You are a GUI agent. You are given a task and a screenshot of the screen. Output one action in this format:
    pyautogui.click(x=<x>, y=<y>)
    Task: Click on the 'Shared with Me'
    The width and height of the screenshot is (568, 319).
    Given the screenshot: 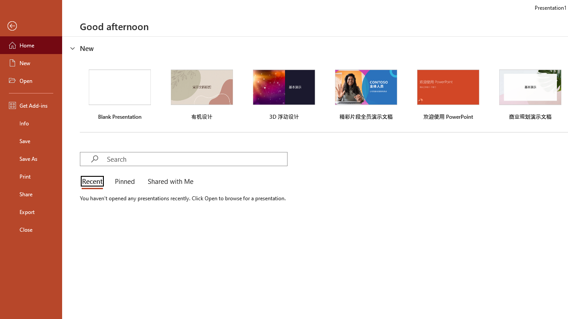 What is the action you would take?
    pyautogui.click(x=169, y=182)
    